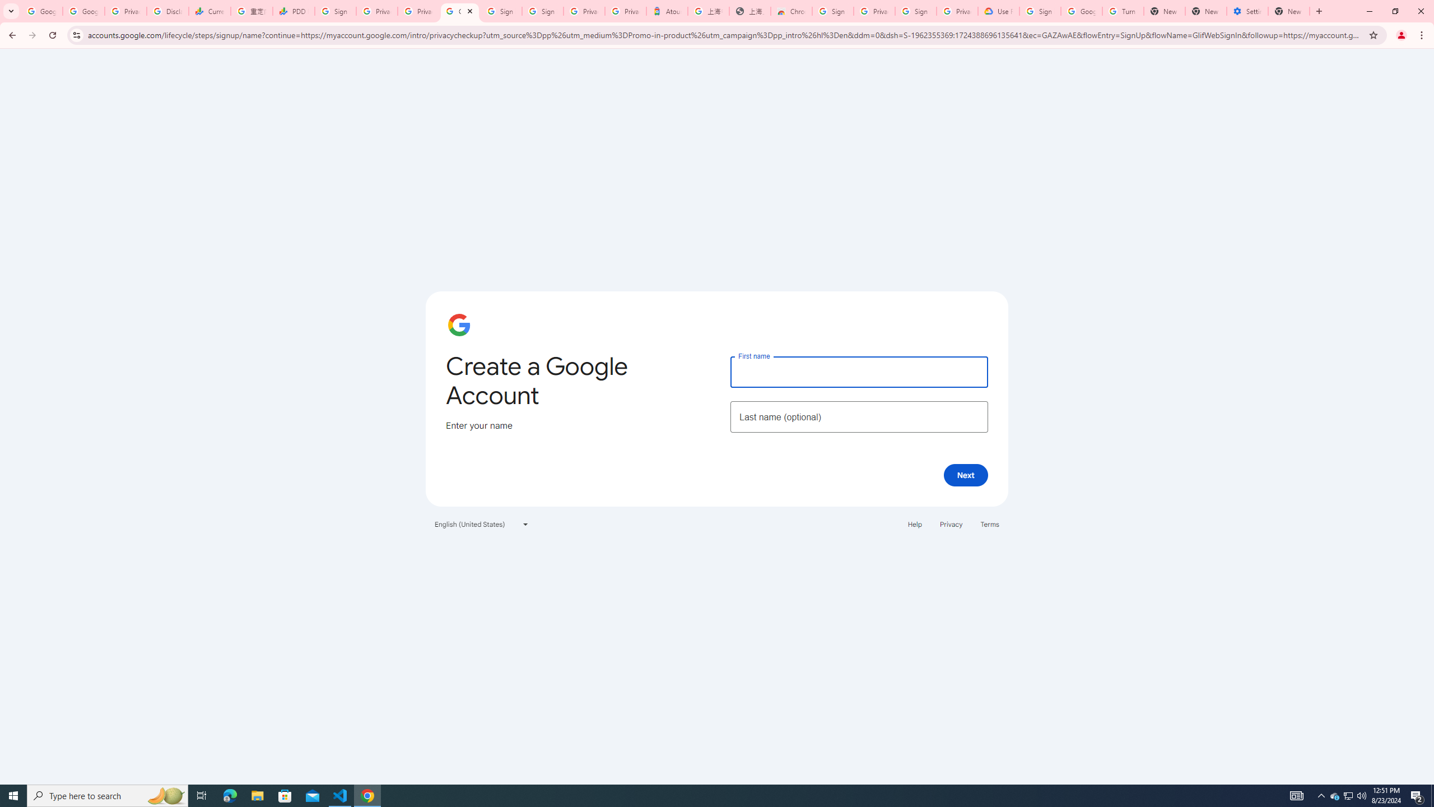 The image size is (1434, 807). I want to click on 'Chrome Web Store - Color themes by Chrome', so click(792, 11).